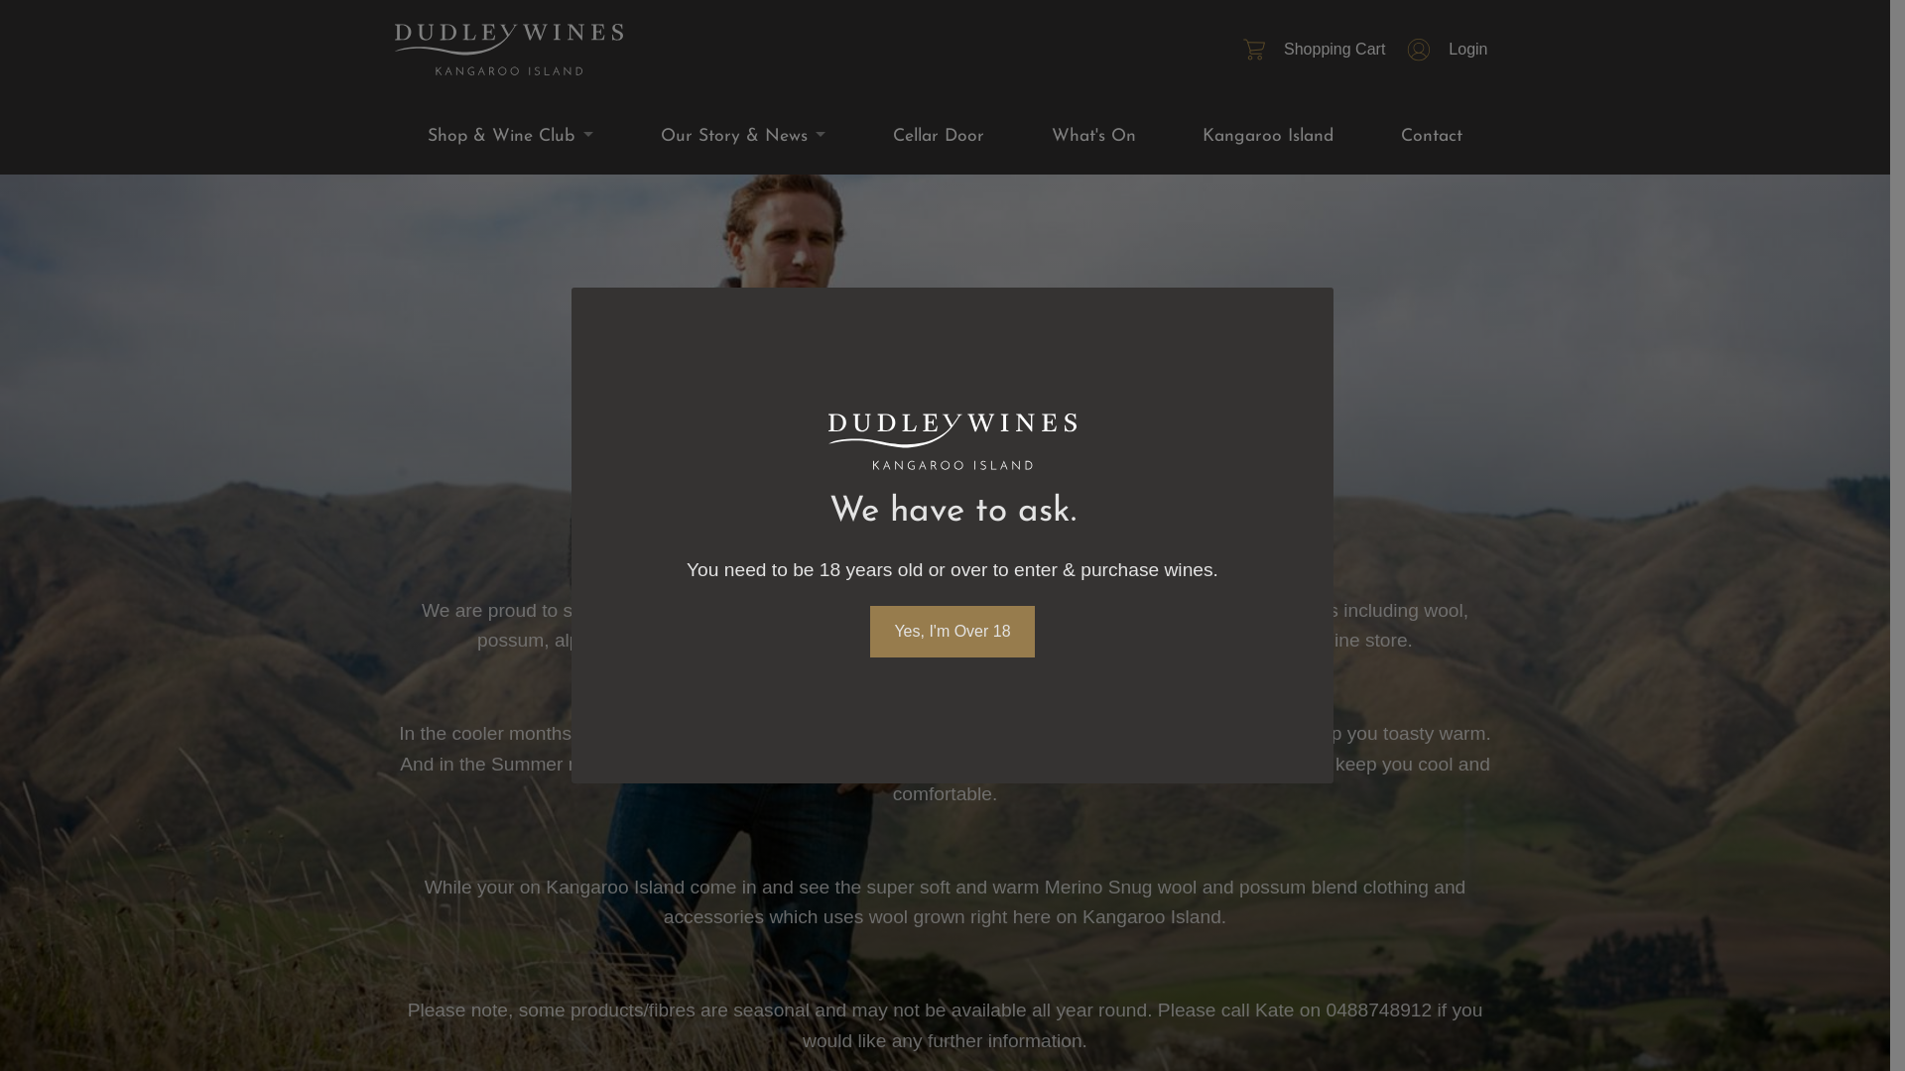  I want to click on 'Our Story & News', so click(741, 136).